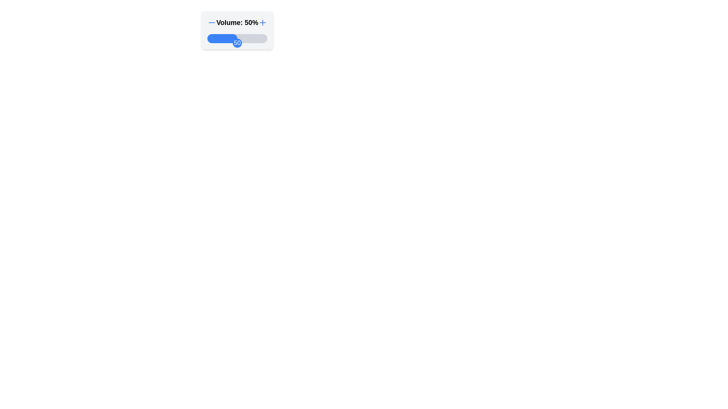  What do you see at coordinates (247, 38) in the screenshot?
I see `the slider` at bounding box center [247, 38].